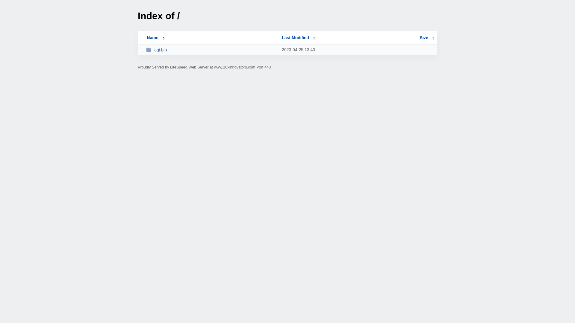  I want to click on 'Size', so click(427, 38).